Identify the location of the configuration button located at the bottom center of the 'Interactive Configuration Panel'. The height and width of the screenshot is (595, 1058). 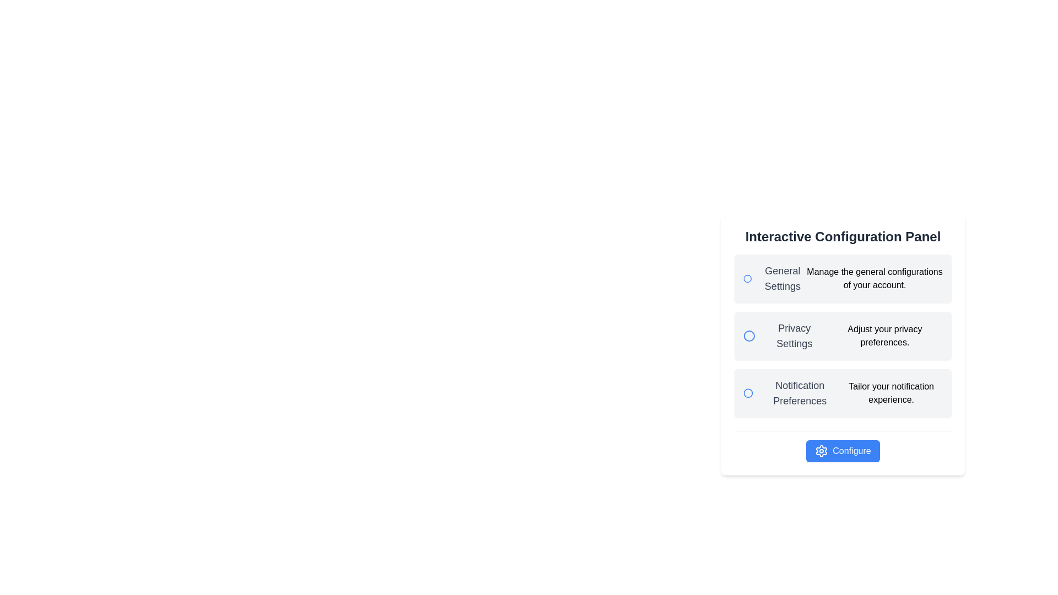
(843, 451).